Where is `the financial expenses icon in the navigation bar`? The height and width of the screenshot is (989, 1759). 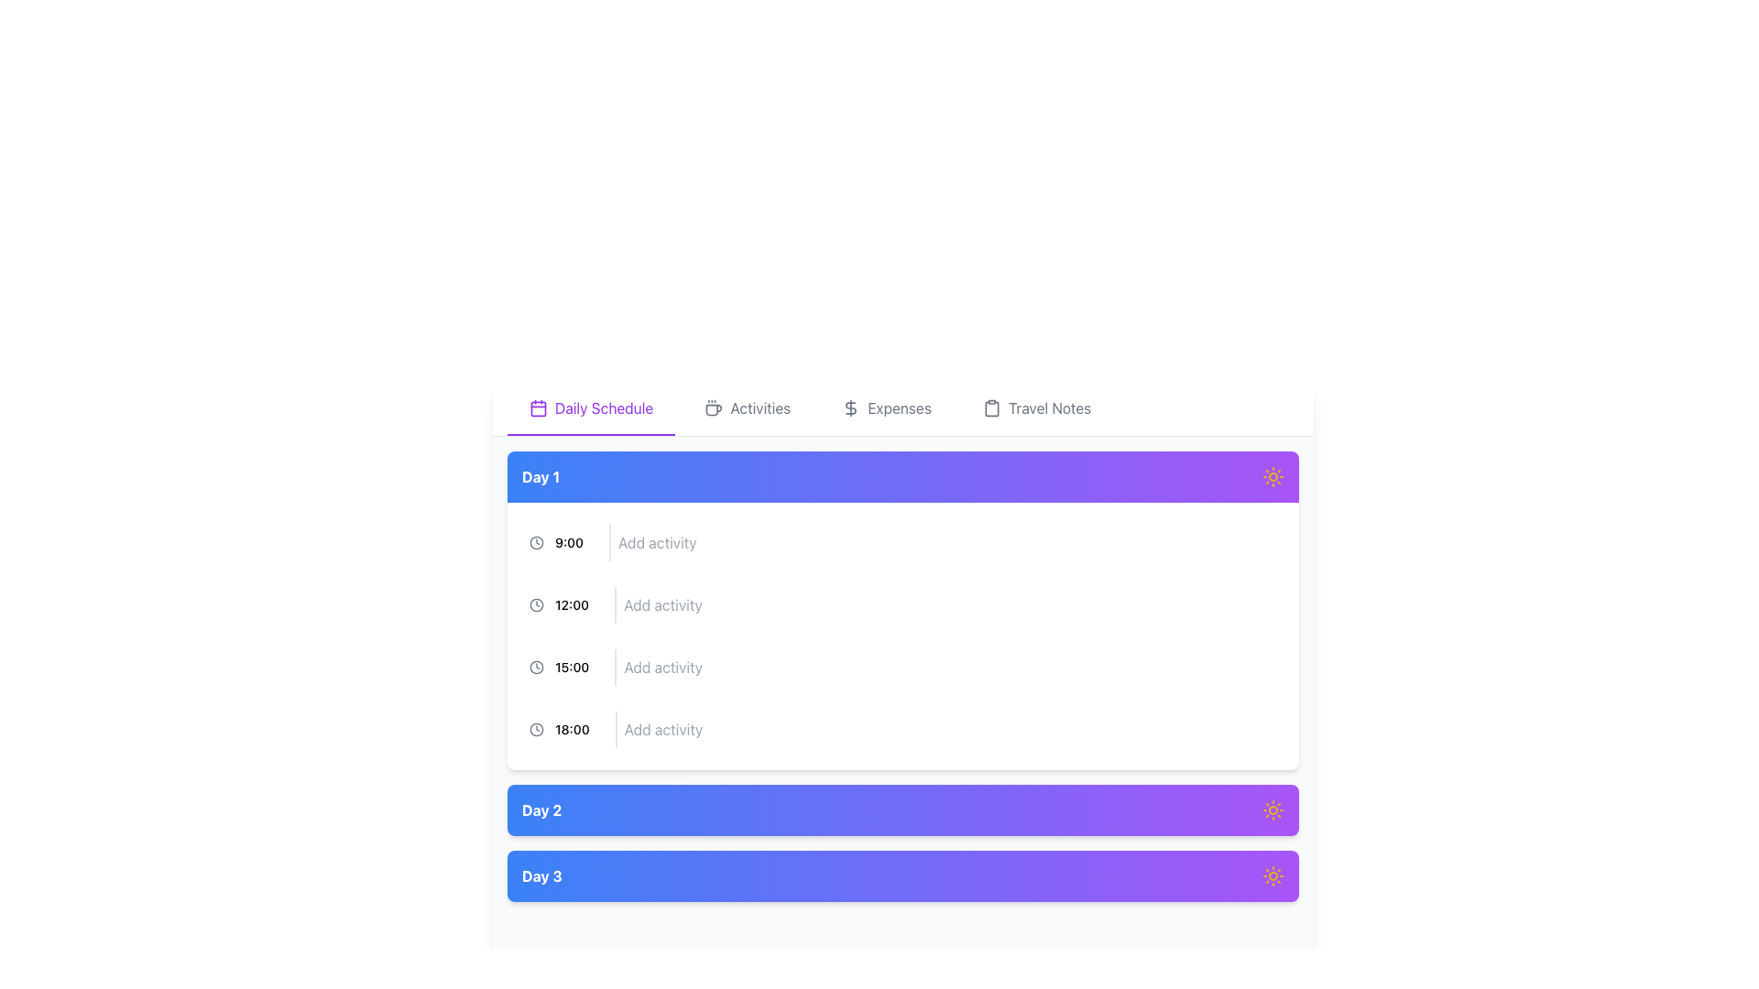
the financial expenses icon in the navigation bar is located at coordinates (850, 408).